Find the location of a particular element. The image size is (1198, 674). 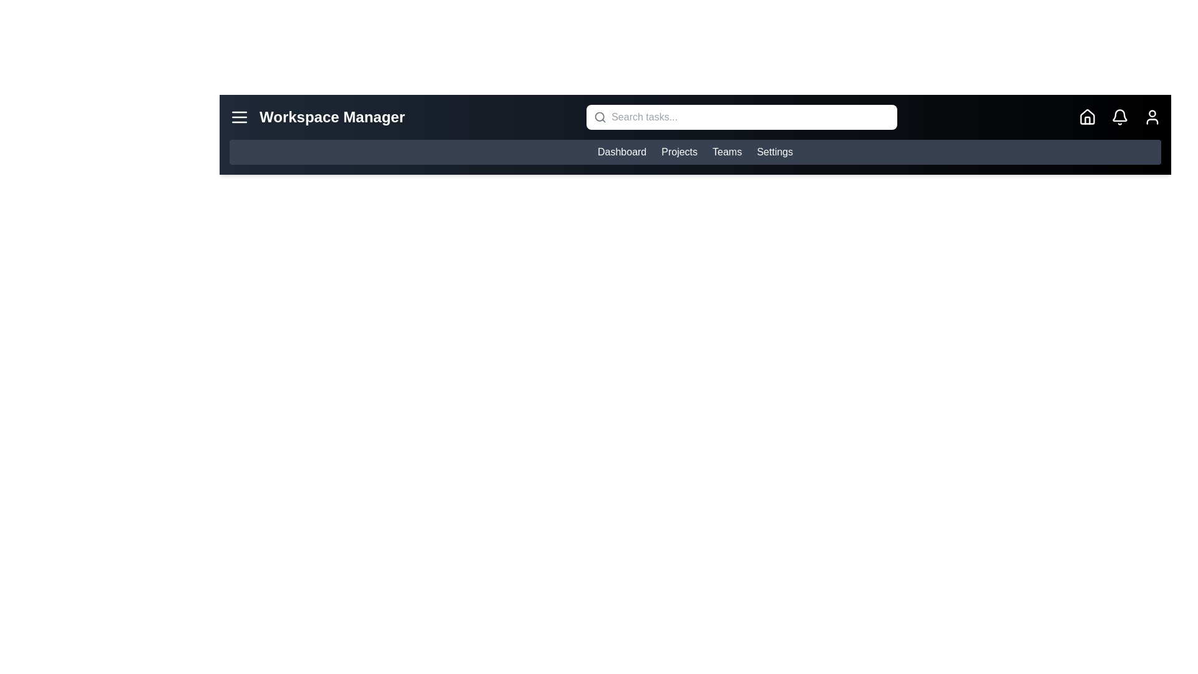

the Home icon to navigate to the home page is located at coordinates (1086, 117).